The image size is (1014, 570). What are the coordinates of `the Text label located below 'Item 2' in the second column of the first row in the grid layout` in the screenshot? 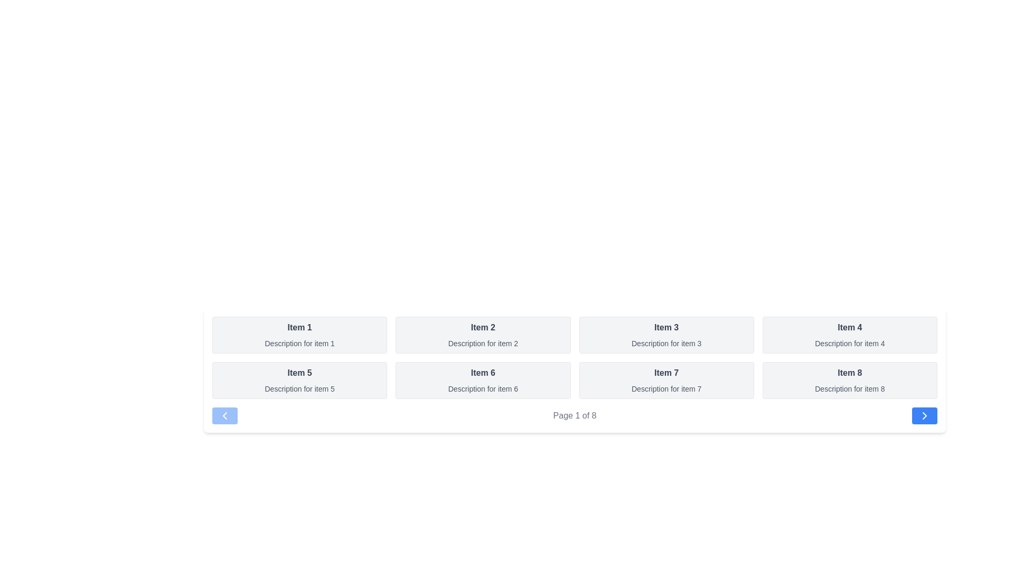 It's located at (482, 344).